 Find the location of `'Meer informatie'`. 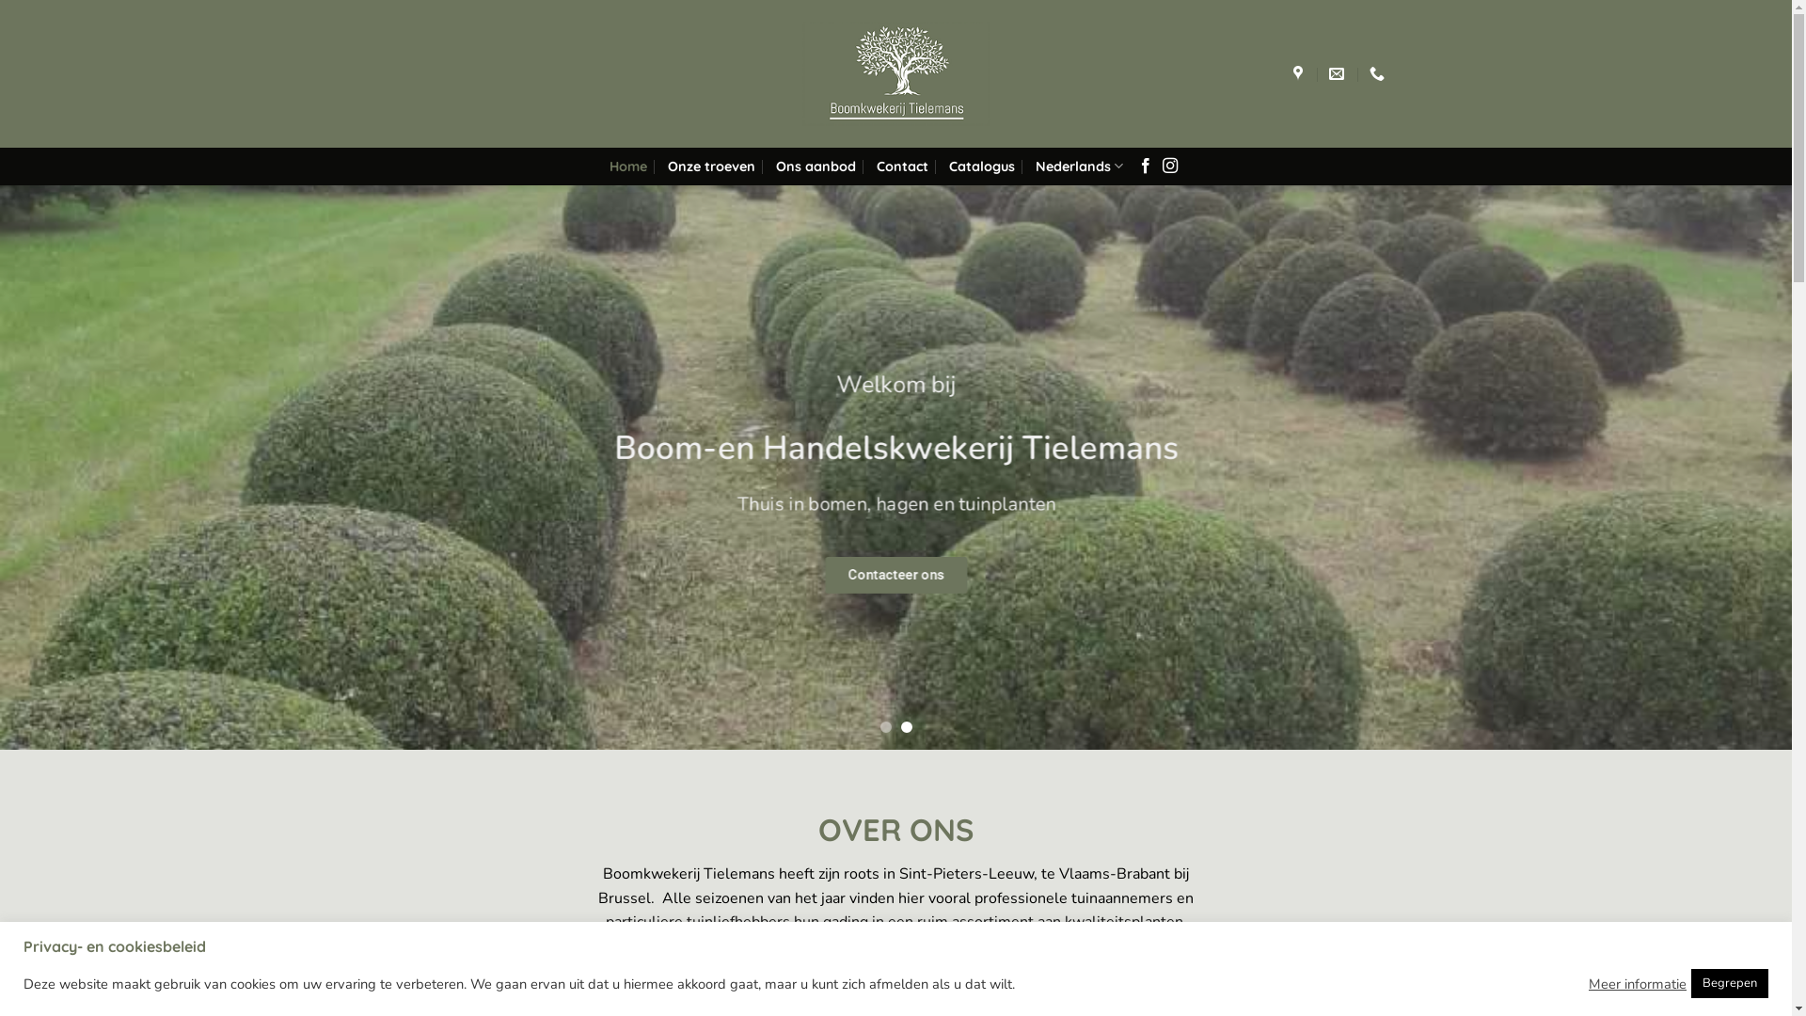

'Meer informatie' is located at coordinates (1637, 982).